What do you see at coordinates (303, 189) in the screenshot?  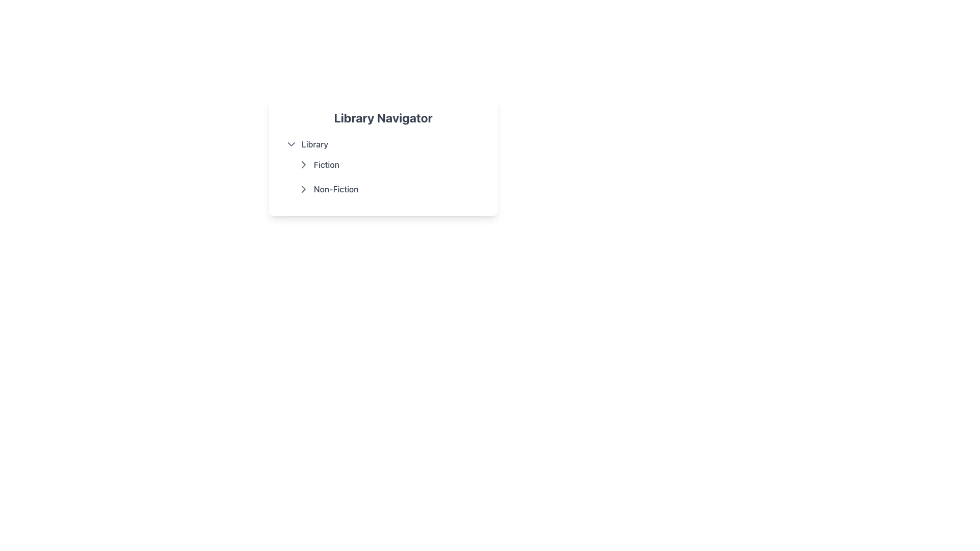 I see `the small chevron SVG icon styled with a rightward arrow, positioned next to the 'Fiction' text in the 'Library' section of the navigation system` at bounding box center [303, 189].